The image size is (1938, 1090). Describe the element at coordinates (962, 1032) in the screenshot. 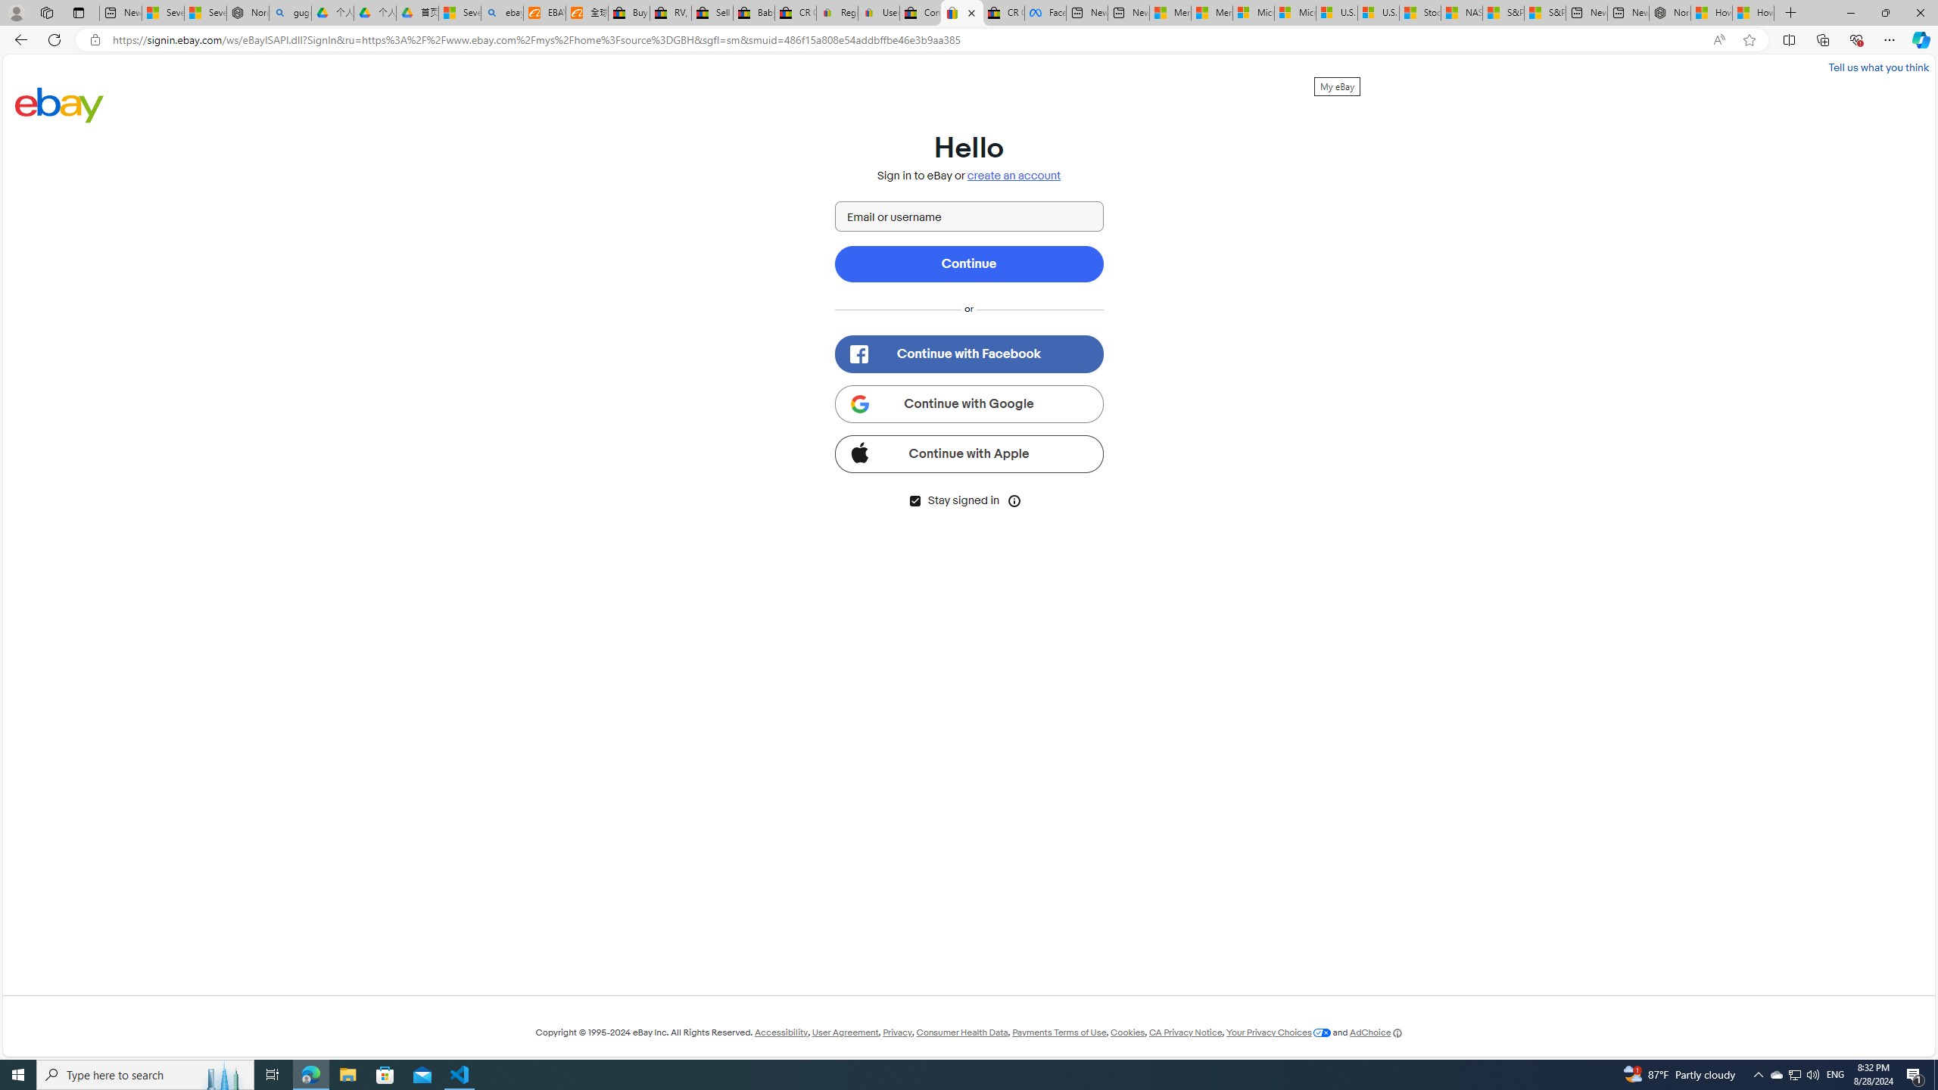

I see `'Consumer Health Data'` at that location.